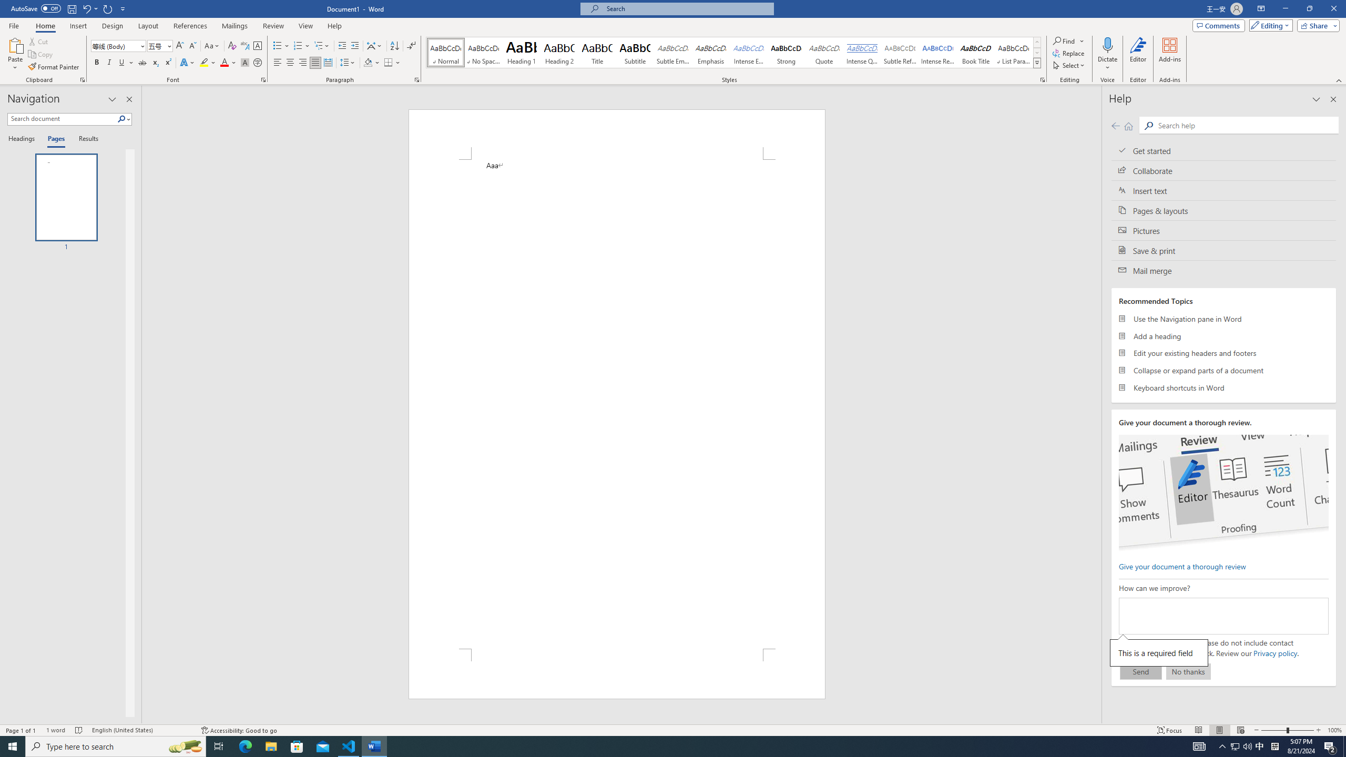  Describe the element at coordinates (1223, 370) in the screenshot. I see `'Collapse or expand parts of a document'` at that location.